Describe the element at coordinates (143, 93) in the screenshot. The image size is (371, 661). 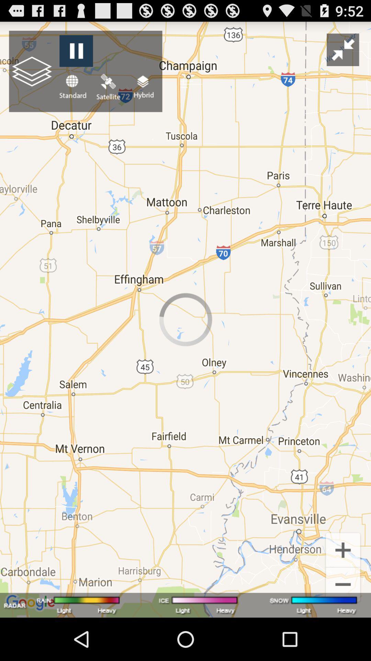
I see `the layers icon` at that location.